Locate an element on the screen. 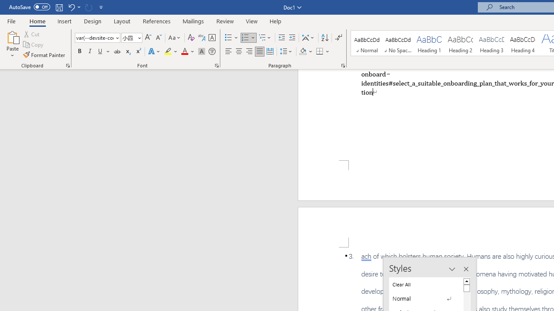 The width and height of the screenshot is (554, 311). 'References' is located at coordinates (157, 21).